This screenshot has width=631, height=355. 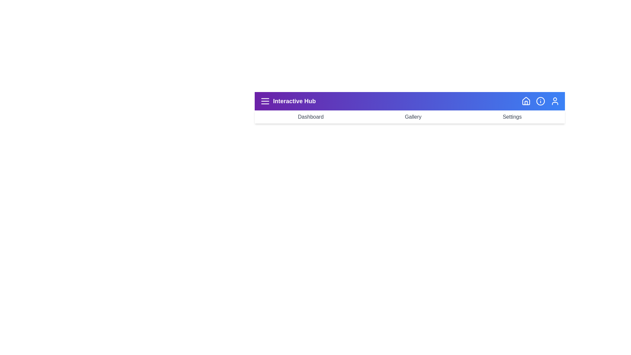 I want to click on the navigation button labeled Dashboard to navigate to the corresponding page, so click(x=310, y=116).